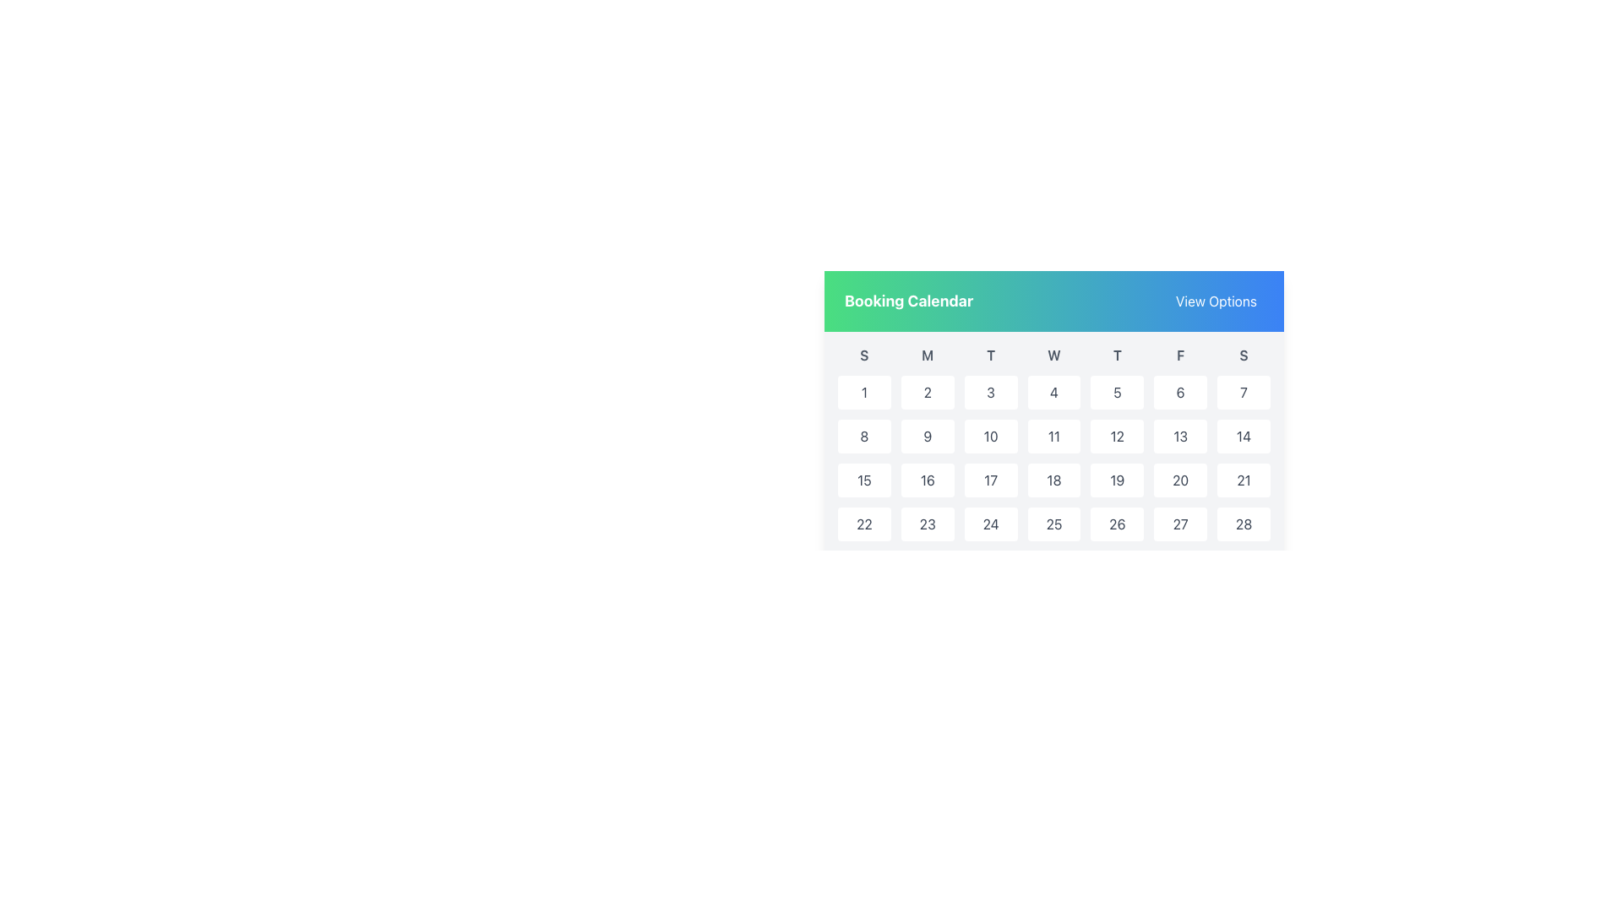 The height and width of the screenshot is (912, 1622). Describe the element at coordinates (991, 393) in the screenshot. I see `the date text element representing the third day of the month in the Tuesday column of the Booking Calendar` at that location.